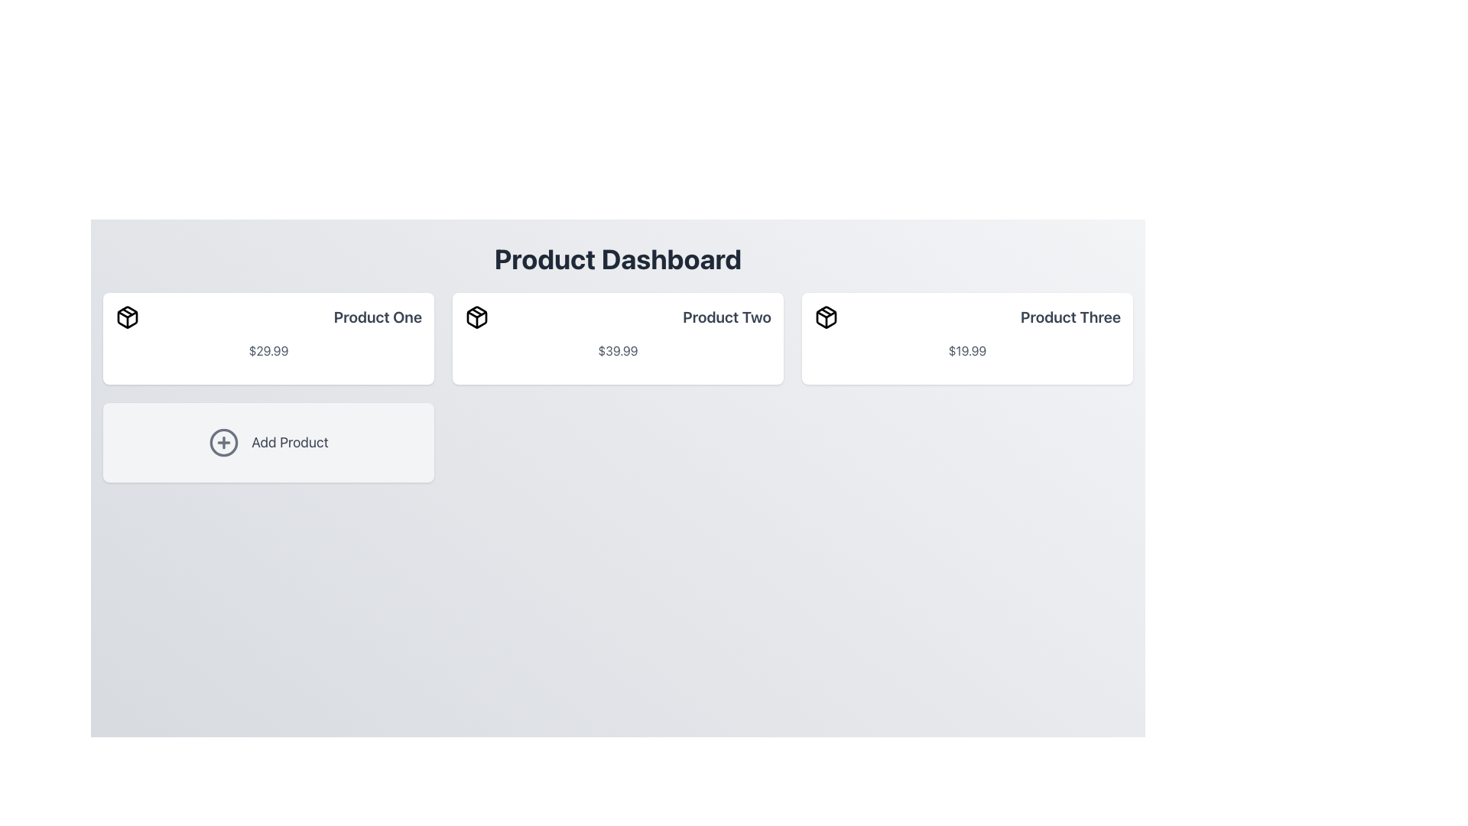  I want to click on on the first product card with a white background featuring a cube icon and the text 'Product One', so click(268, 338).